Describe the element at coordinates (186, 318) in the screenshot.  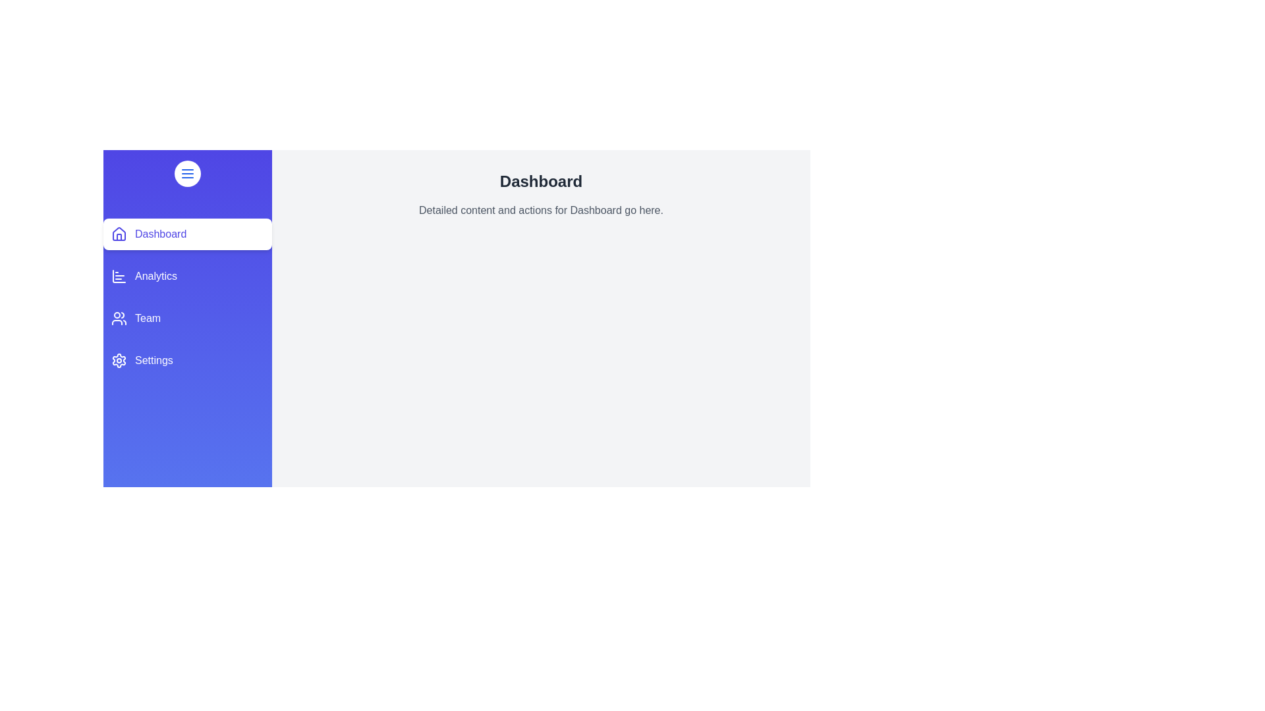
I see `the menu item Team to observe visual feedback` at that location.